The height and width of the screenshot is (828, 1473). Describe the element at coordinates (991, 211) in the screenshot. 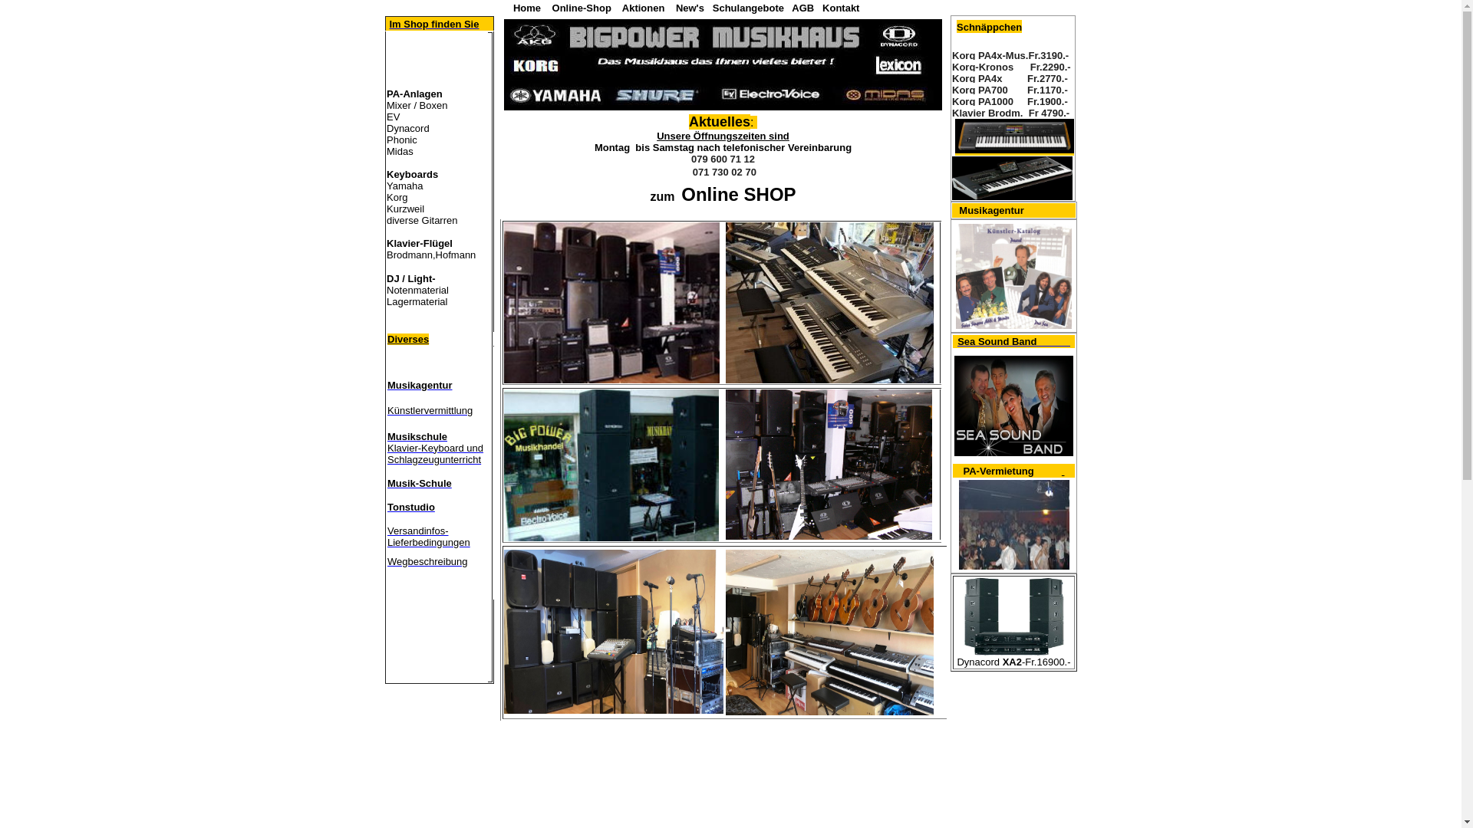

I see `'Musikagentur'` at that location.